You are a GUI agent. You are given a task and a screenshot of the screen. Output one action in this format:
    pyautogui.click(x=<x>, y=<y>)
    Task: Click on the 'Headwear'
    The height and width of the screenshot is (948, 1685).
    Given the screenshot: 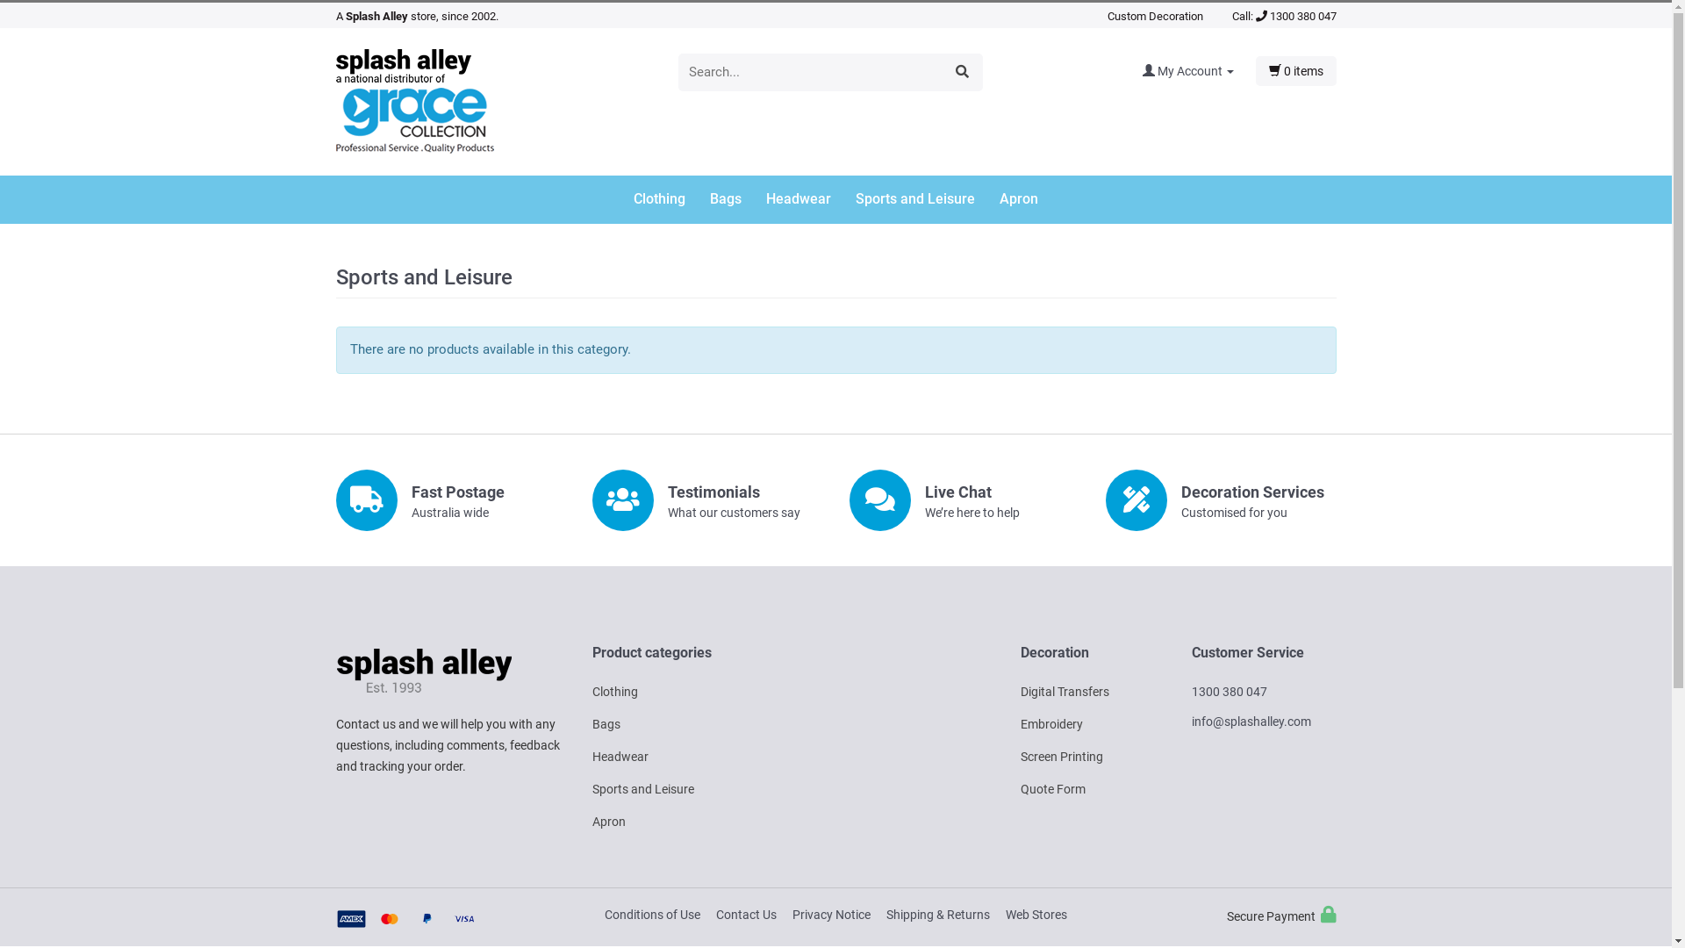 What is the action you would take?
    pyautogui.click(x=592, y=755)
    